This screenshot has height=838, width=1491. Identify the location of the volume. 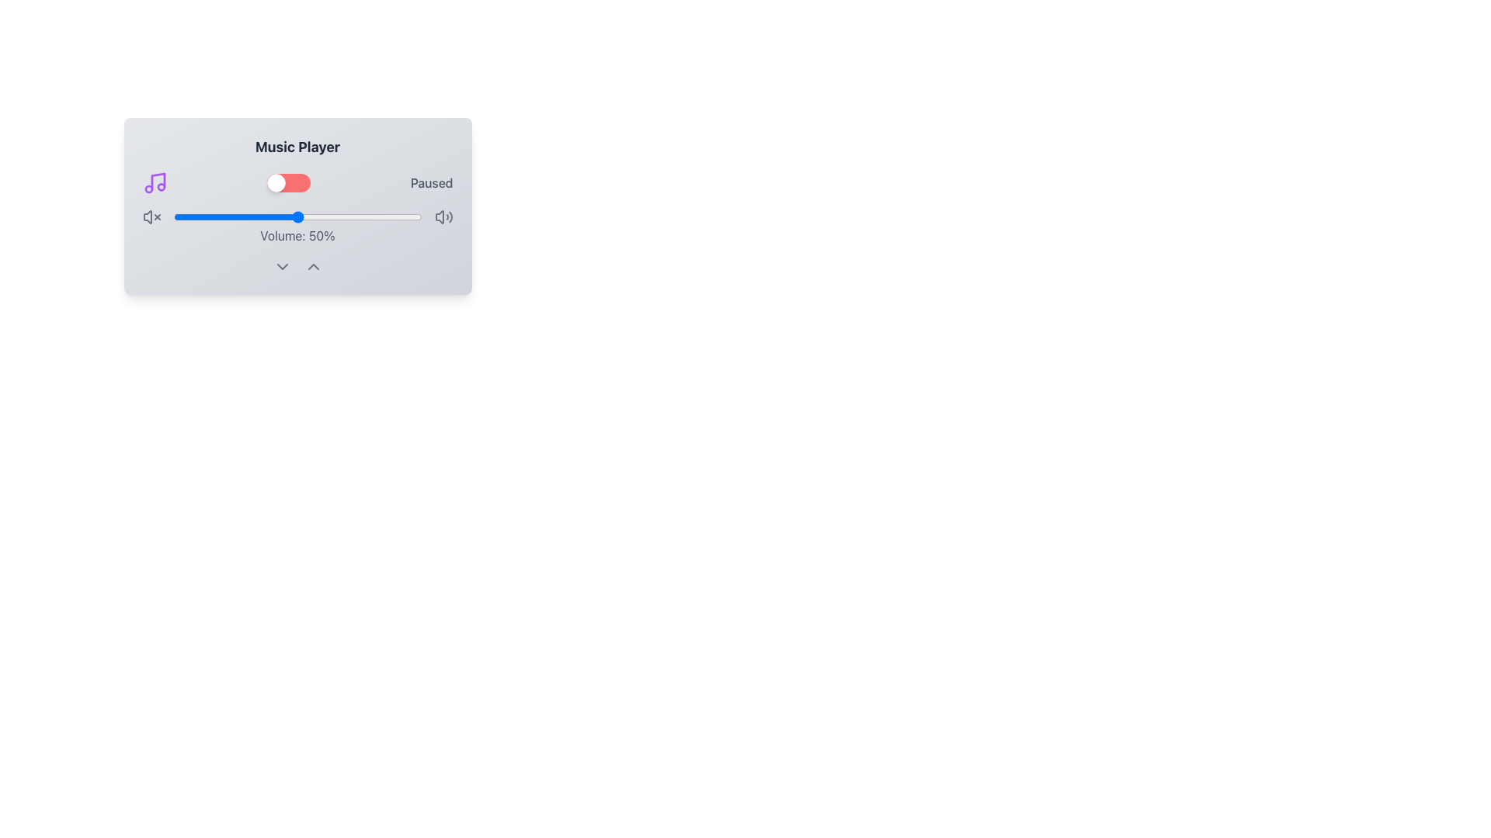
(300, 217).